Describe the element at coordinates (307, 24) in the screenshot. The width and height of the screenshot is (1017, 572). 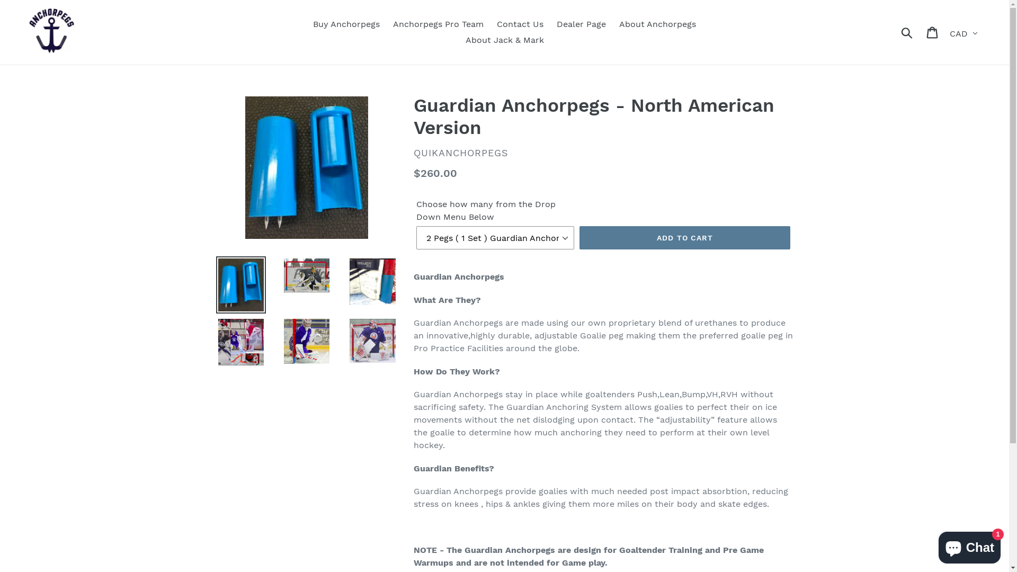
I see `'Buy Anchorpegs'` at that location.